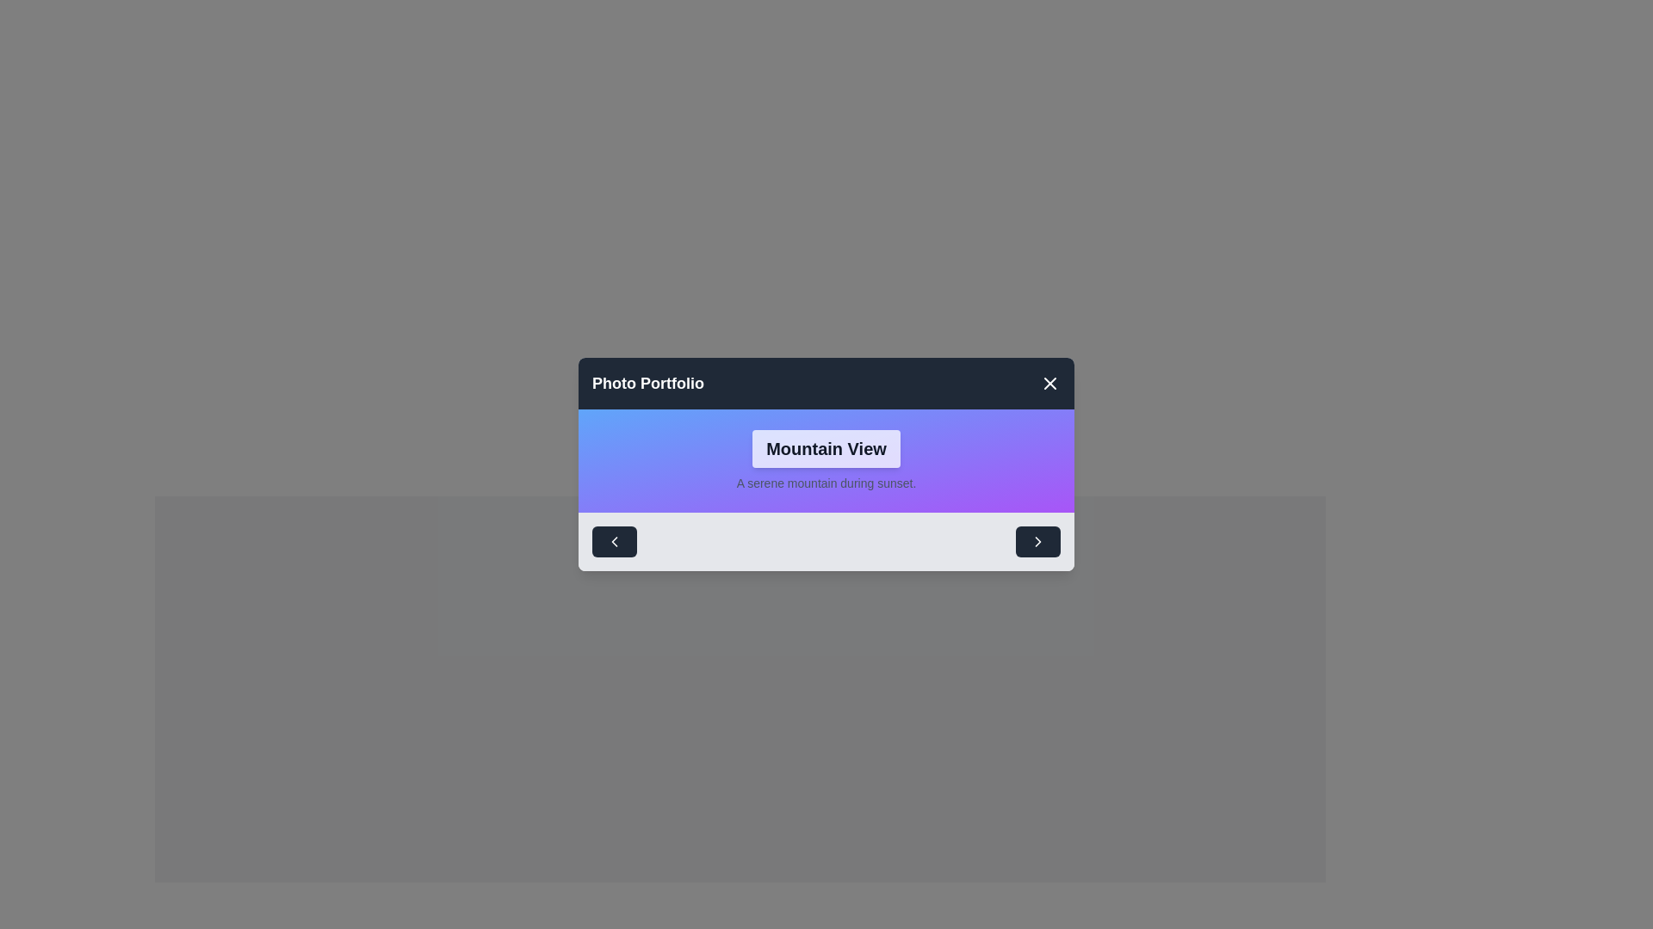 This screenshot has height=929, width=1653. Describe the element at coordinates (826, 460) in the screenshot. I see `the informational label that provides the title 'Mountain View' and the description 'A serene mountain during sunset.' This element is centrally aligned beneath the 'Photo Portfolio' heading` at that location.